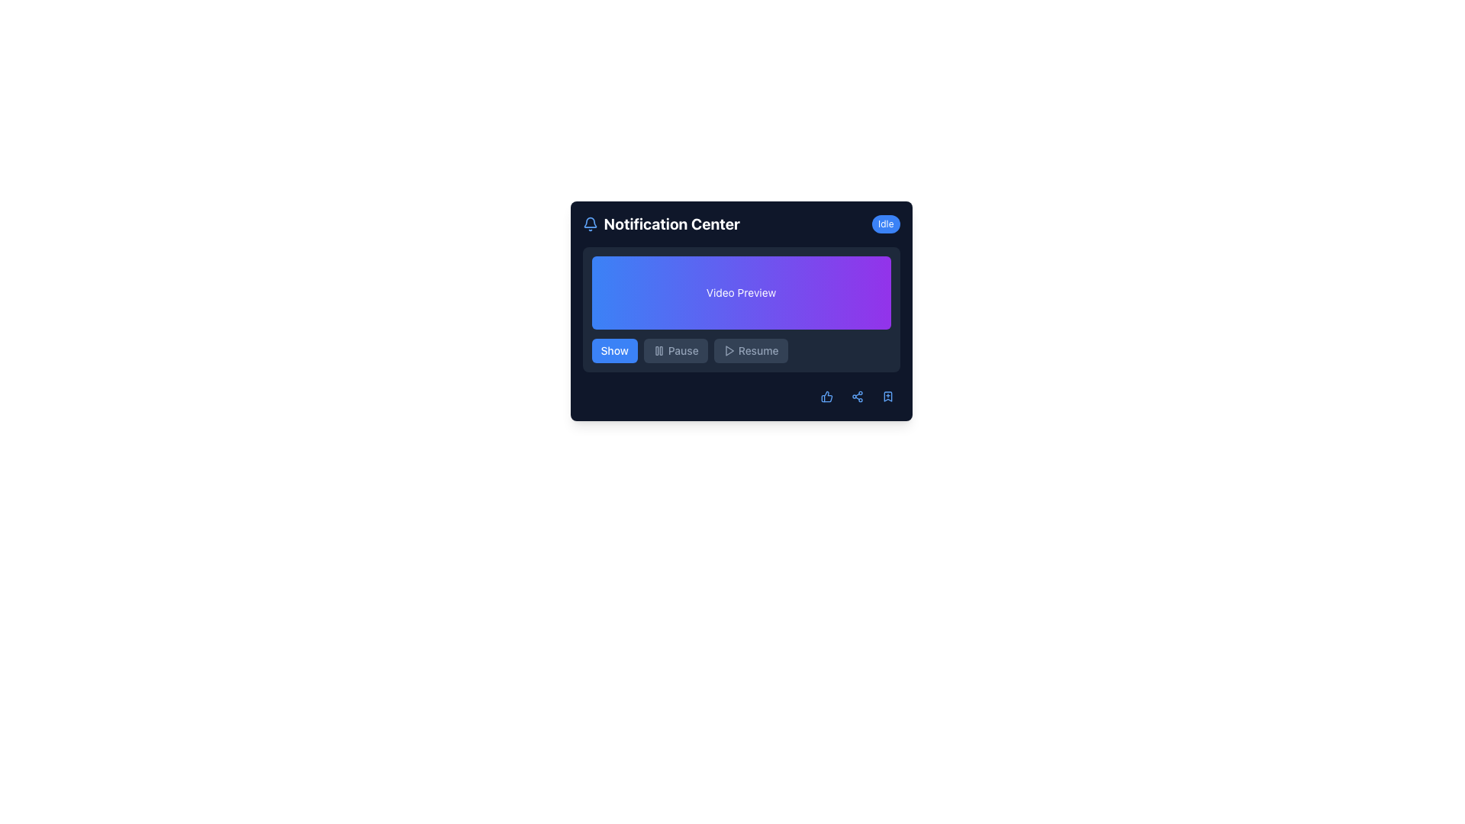 The height and width of the screenshot is (824, 1465). I want to click on the notification icon located on the leftmost side of the 'Notification Center' title, so click(589, 224).